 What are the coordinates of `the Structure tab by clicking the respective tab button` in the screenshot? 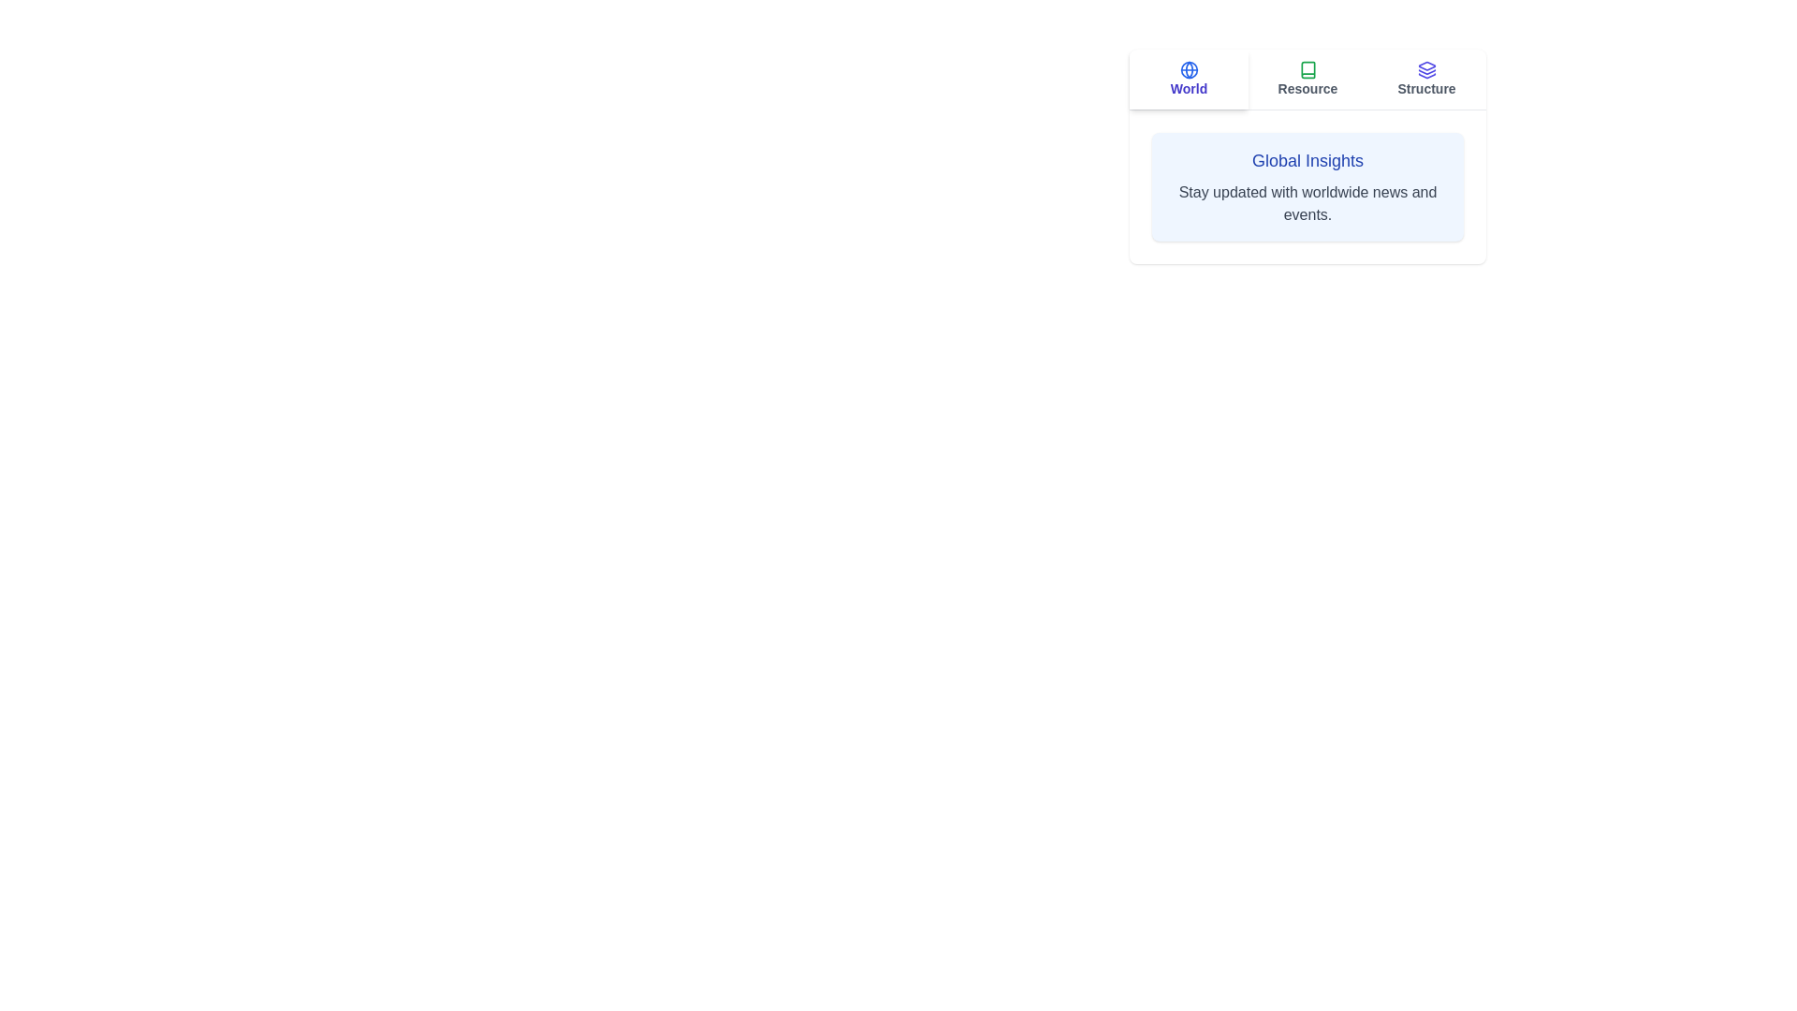 It's located at (1425, 78).